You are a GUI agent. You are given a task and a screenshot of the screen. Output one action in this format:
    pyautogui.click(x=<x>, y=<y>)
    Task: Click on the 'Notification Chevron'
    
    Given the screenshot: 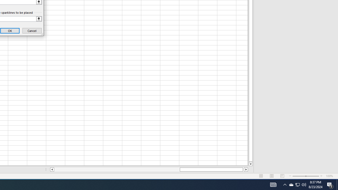 What is the action you would take?
    pyautogui.click(x=298, y=184)
    